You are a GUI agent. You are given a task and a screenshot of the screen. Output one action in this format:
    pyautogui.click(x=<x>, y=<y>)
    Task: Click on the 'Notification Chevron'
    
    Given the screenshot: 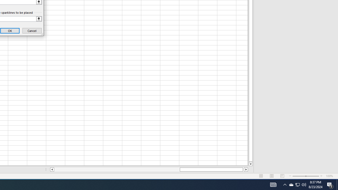 What is the action you would take?
    pyautogui.click(x=298, y=184)
    